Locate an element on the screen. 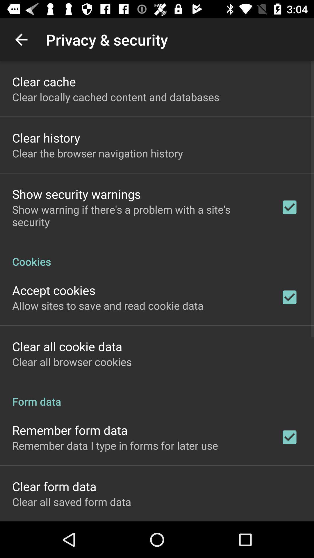 The width and height of the screenshot is (314, 558). clear locally cached is located at coordinates (116, 97).